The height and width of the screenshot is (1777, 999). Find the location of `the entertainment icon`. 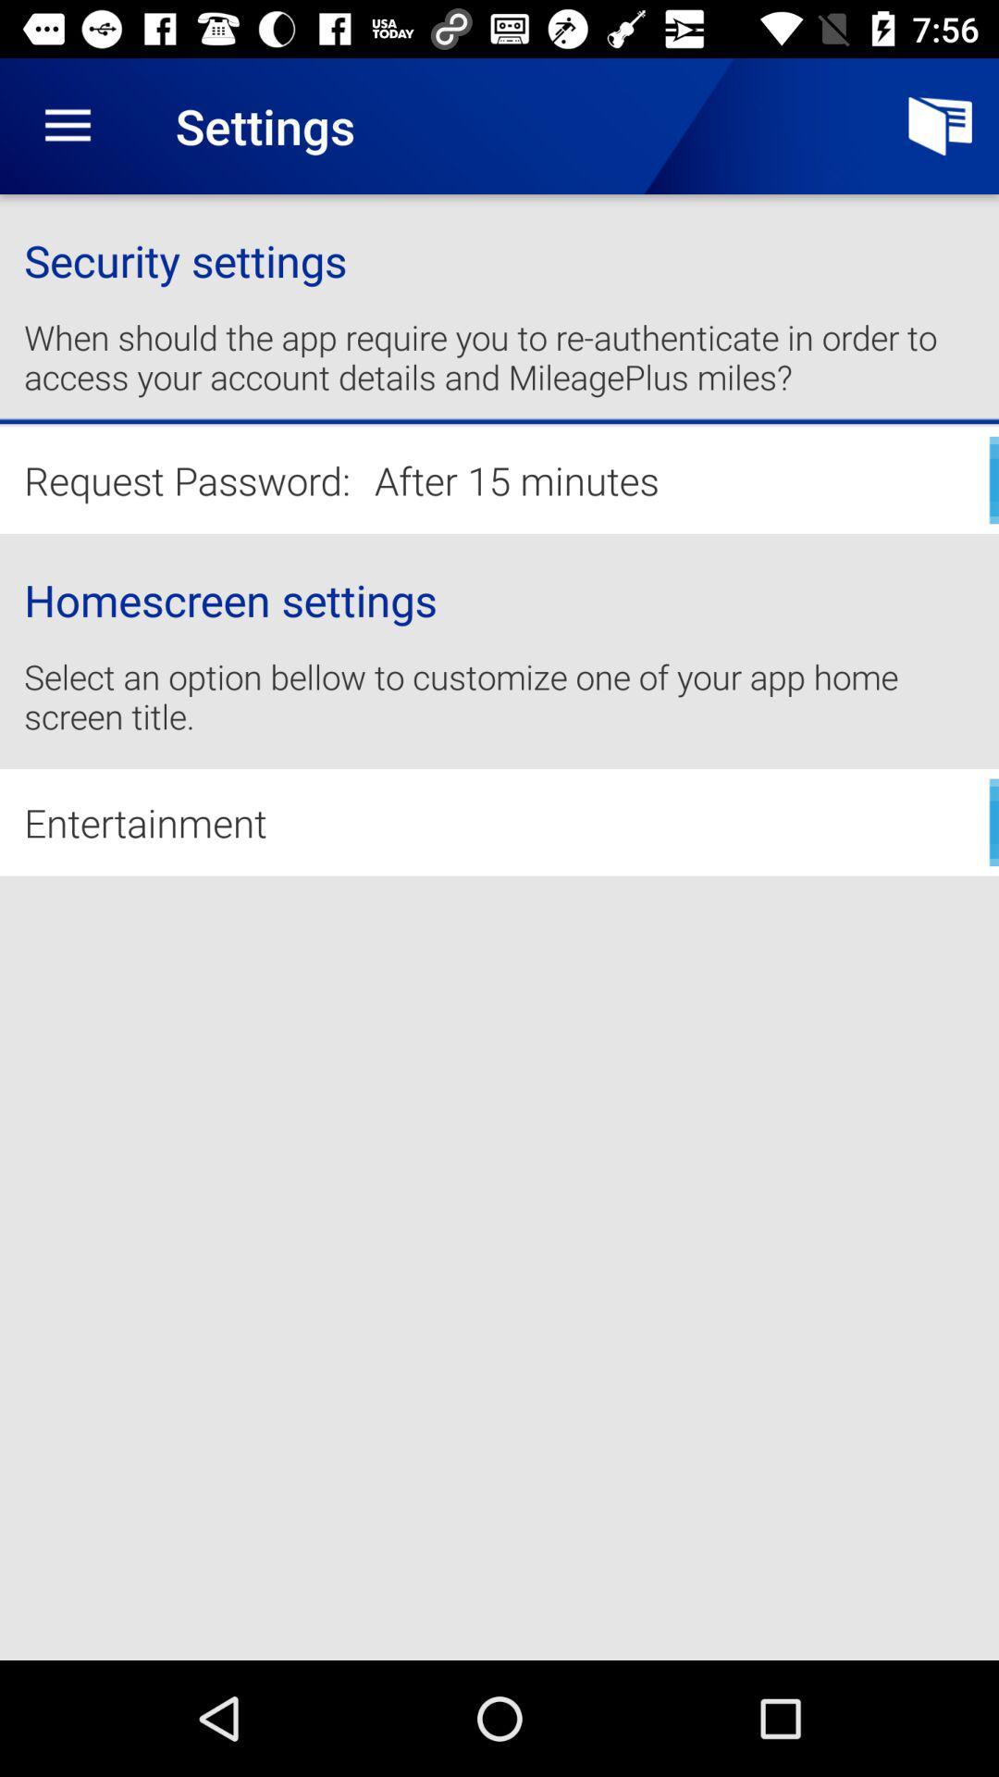

the entertainment icon is located at coordinates (499, 821).